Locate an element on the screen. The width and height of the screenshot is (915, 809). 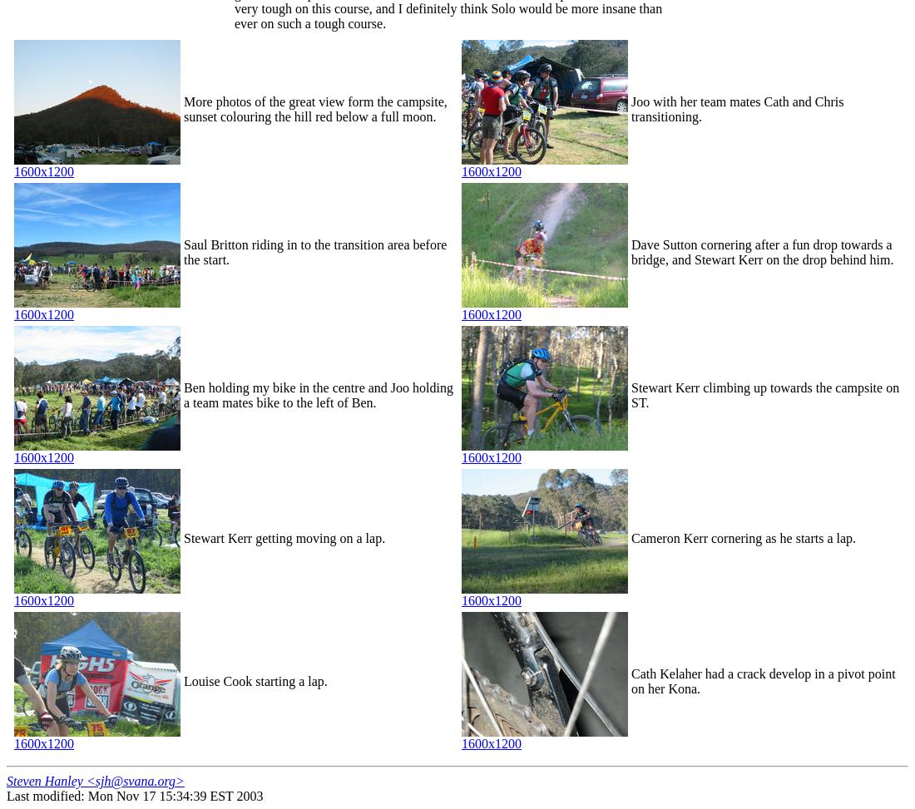
'Saul Britton riding in to the transition area before the start.' is located at coordinates (314, 252).